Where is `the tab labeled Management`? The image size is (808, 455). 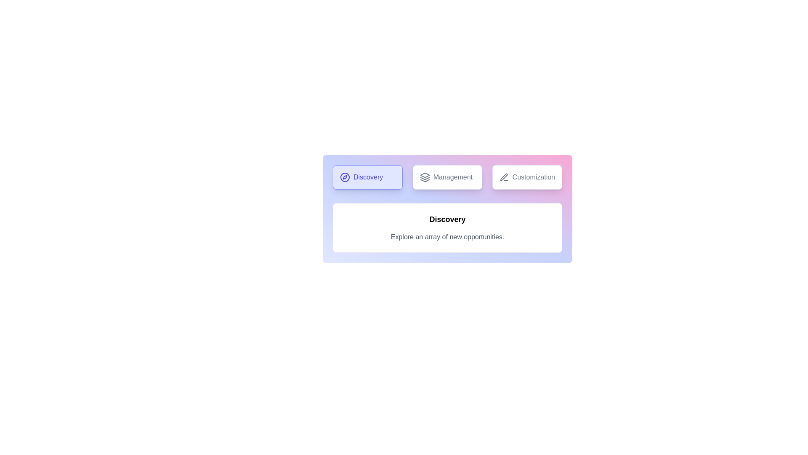 the tab labeled Management is located at coordinates (447, 177).